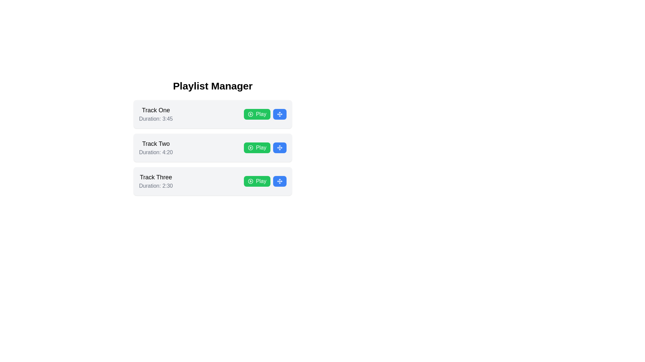  Describe the element at coordinates (250, 181) in the screenshot. I see `the SVG circle element with a green border that forms the outermost circle of the play button for 'Track Three' in the playlist interface` at that location.